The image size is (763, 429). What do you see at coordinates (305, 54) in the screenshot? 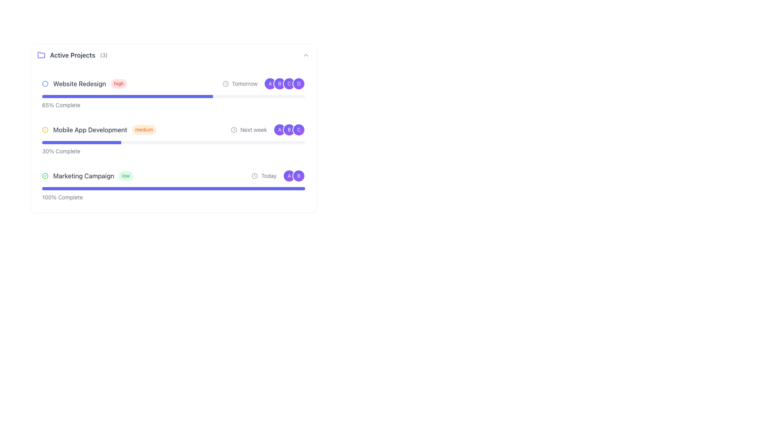
I see `the toggle icon located at the far right of the 'Active Projects (3)' section` at bounding box center [305, 54].